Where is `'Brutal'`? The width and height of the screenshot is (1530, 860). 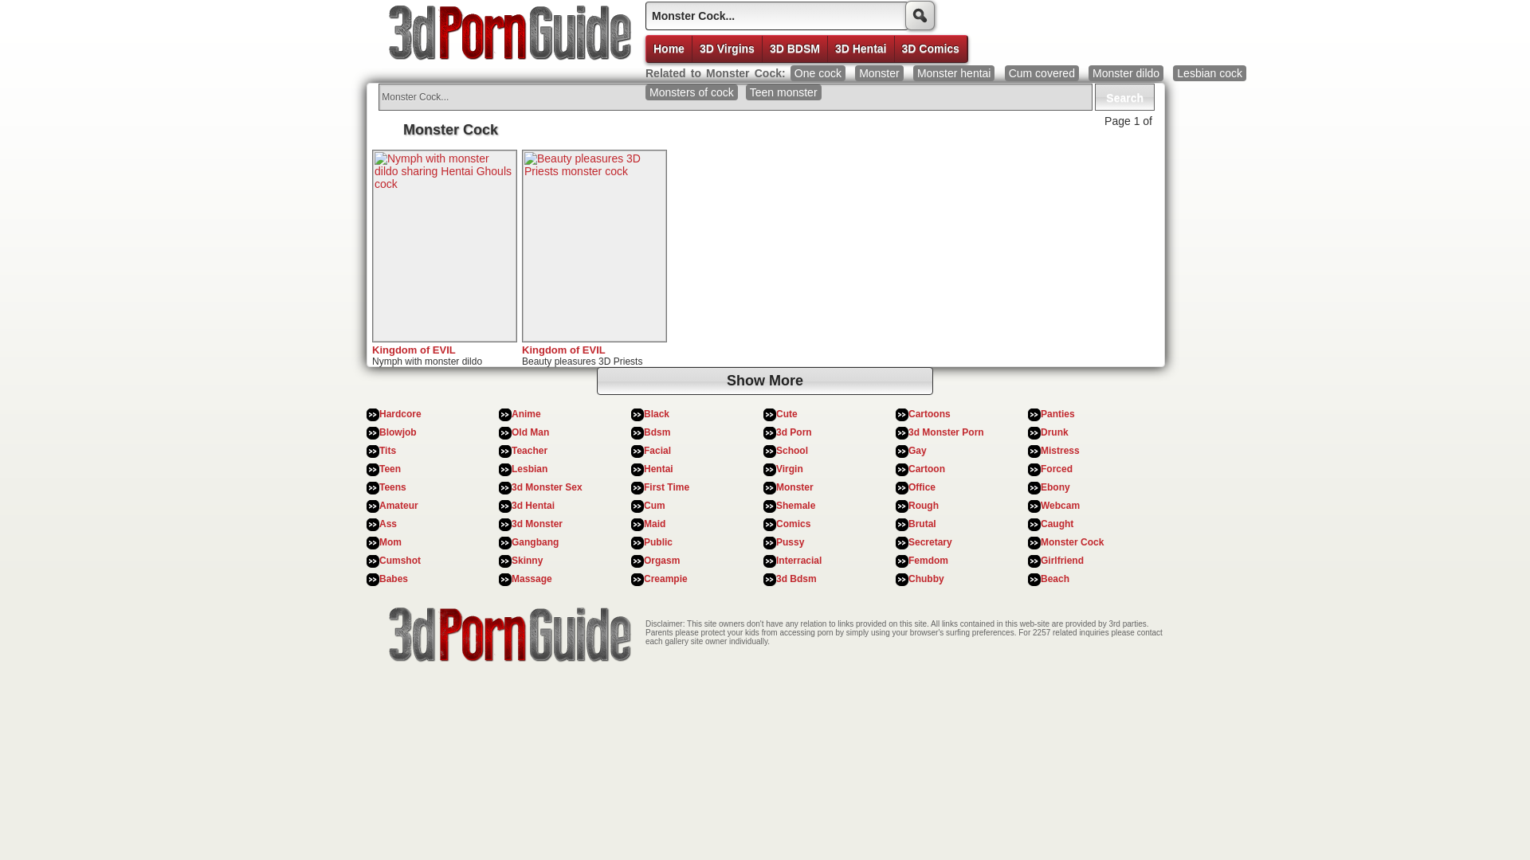 'Brutal' is located at coordinates (908, 524).